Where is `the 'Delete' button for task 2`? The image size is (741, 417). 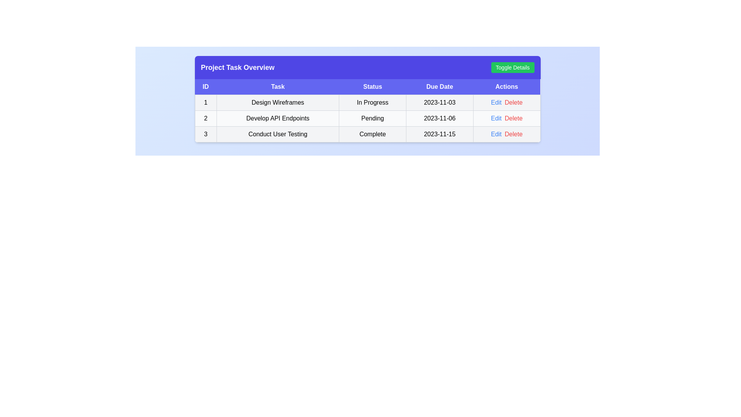 the 'Delete' button for task 2 is located at coordinates (513, 119).